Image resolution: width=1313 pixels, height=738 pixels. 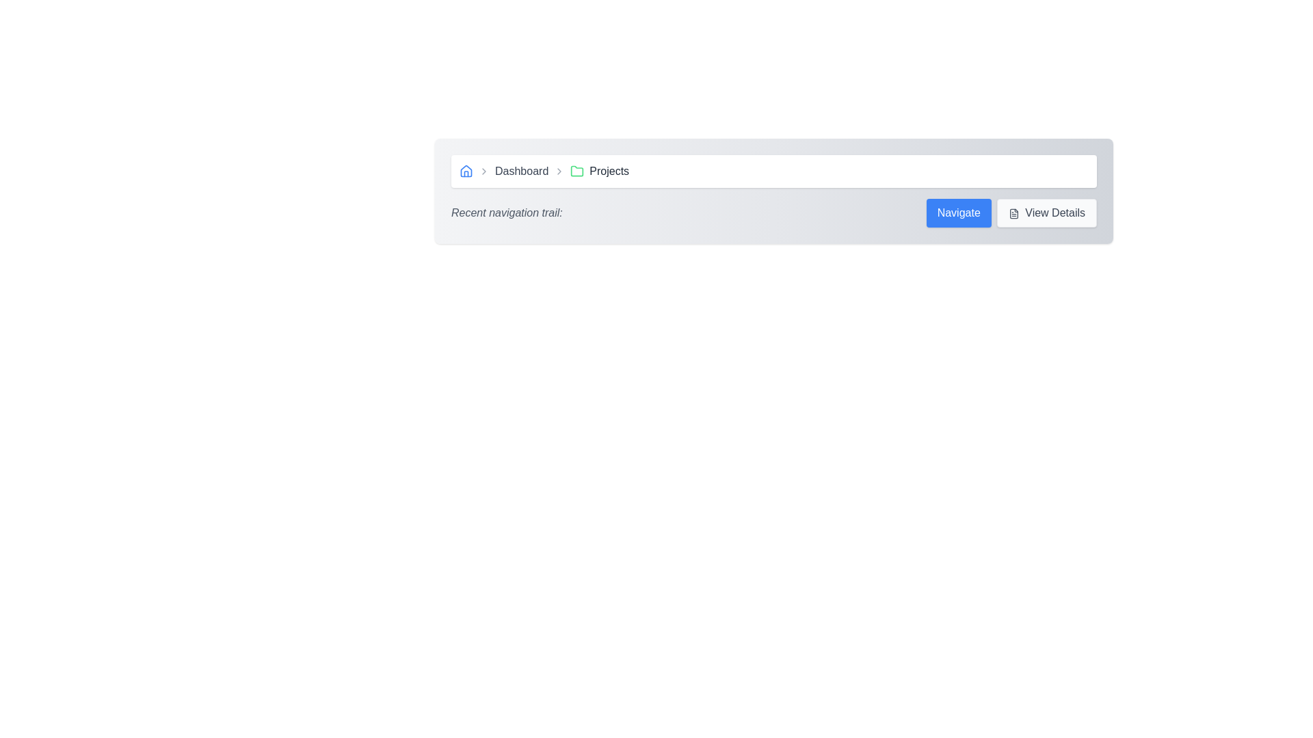 I want to click on the 'Navigate' button, which has rounded corners, a blue background, and white text, so click(x=958, y=213).